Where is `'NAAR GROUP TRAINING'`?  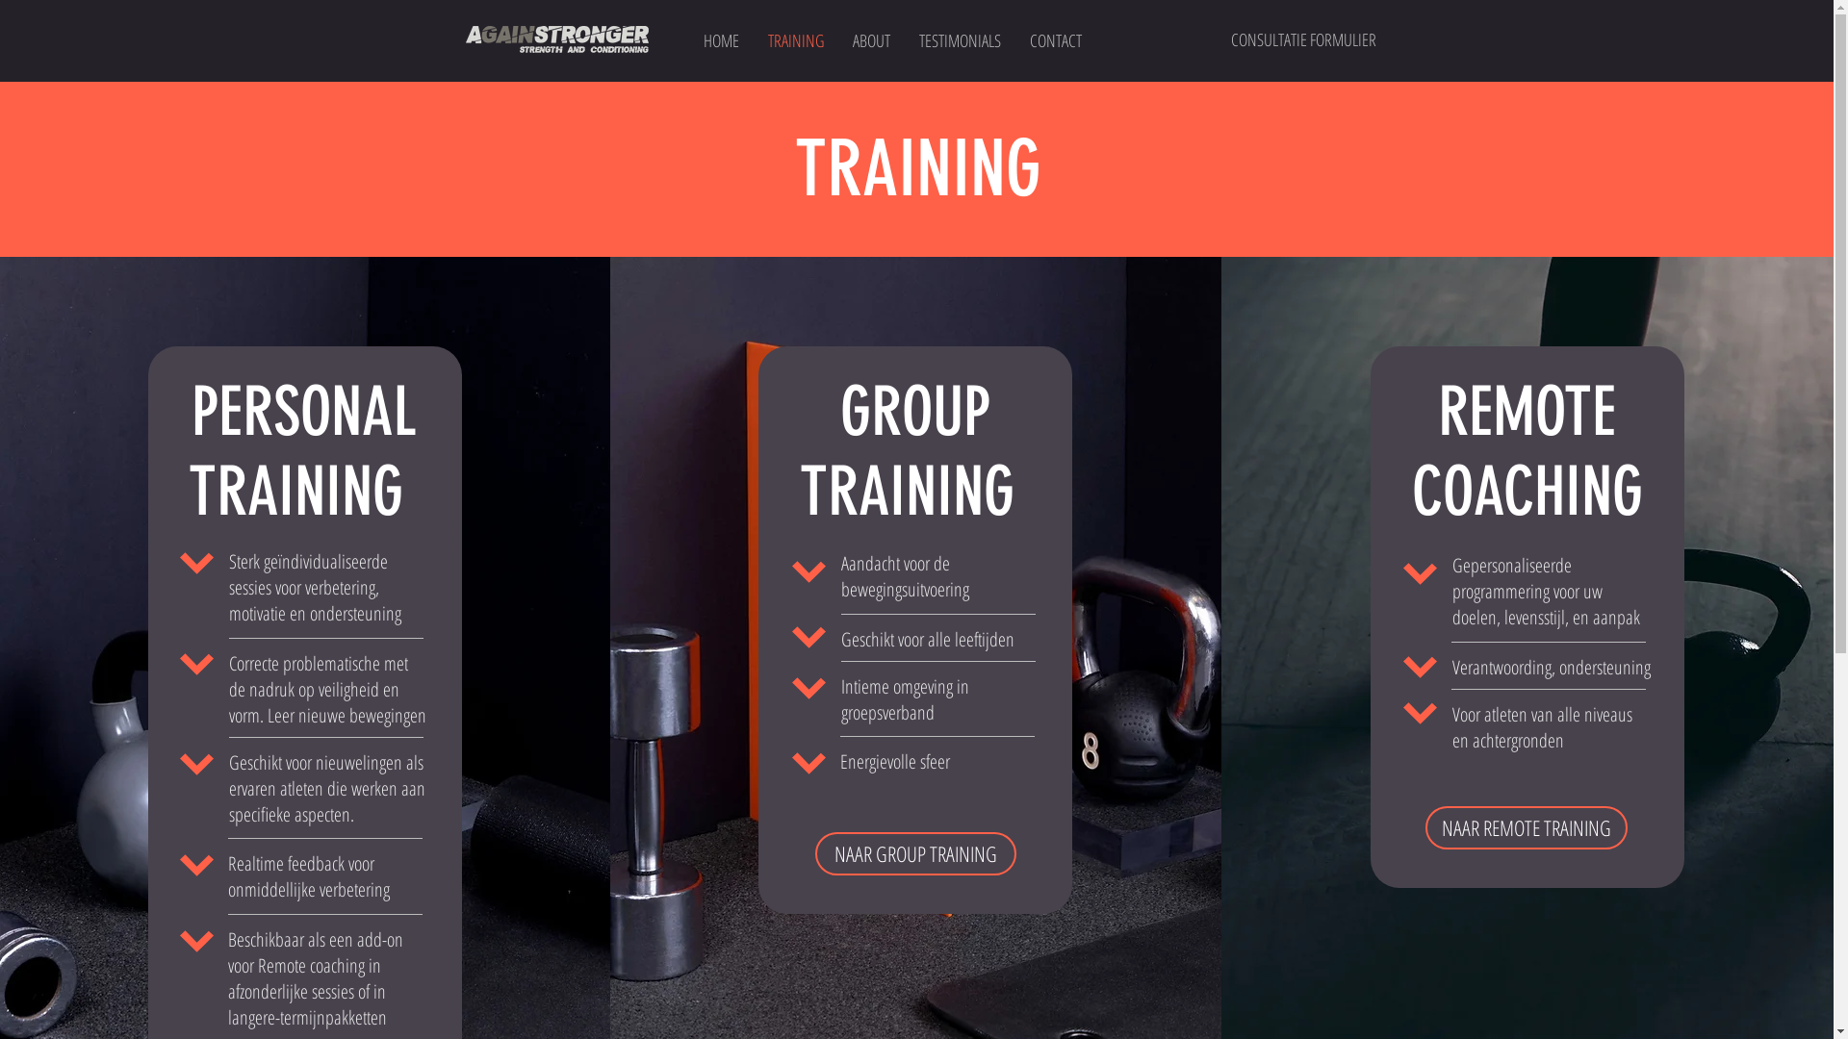 'NAAR GROUP TRAINING' is located at coordinates (914, 852).